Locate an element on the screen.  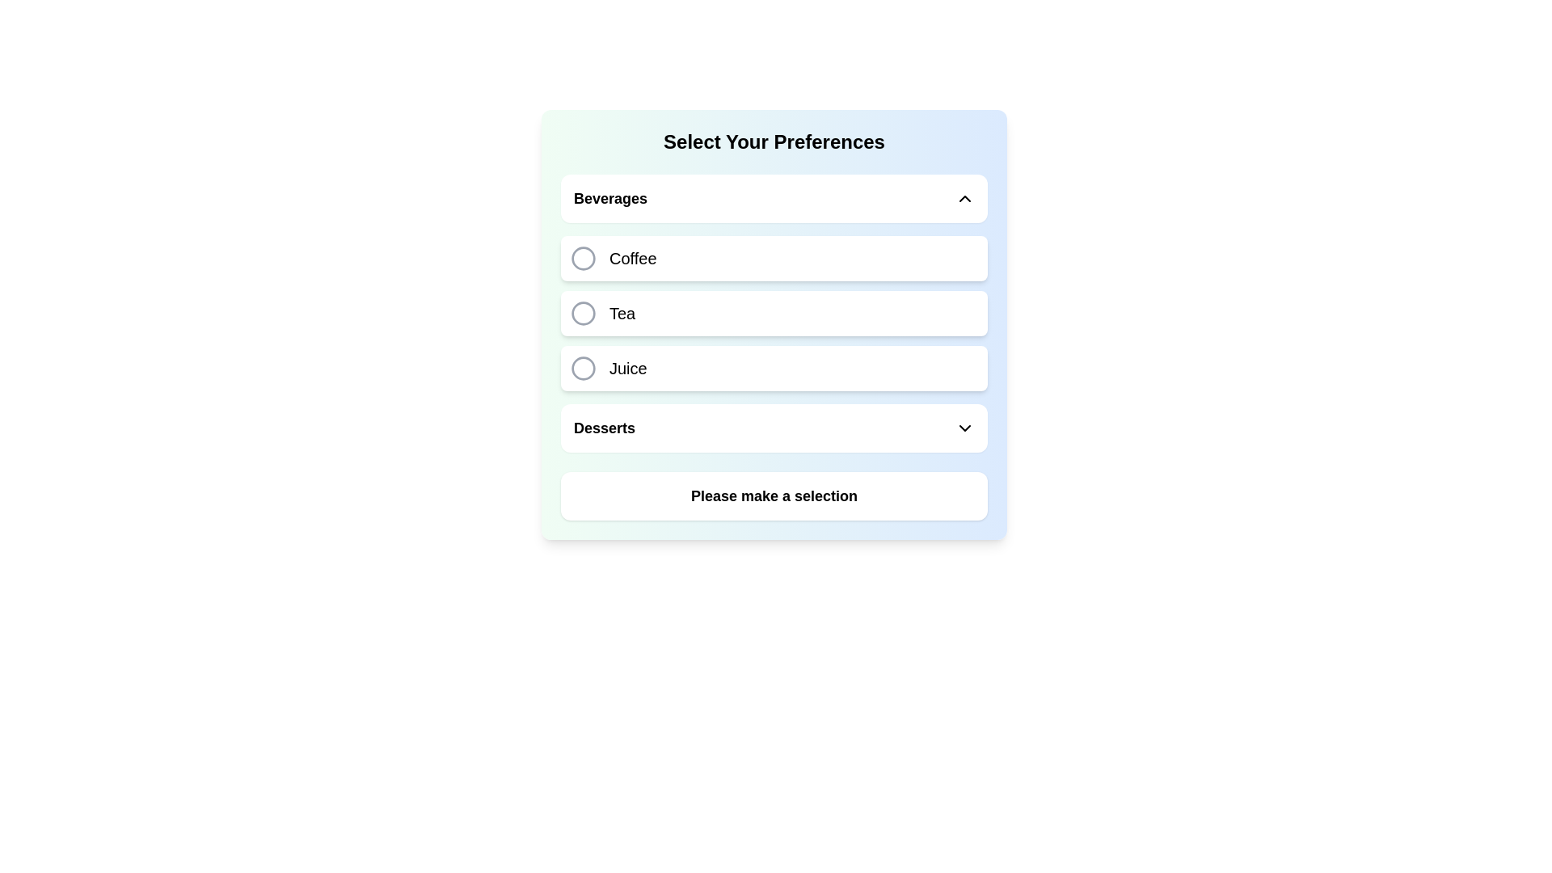
text label 'Juice' located to the right of the corresponding radio button in the third row of the 'Beverages' section is located at coordinates (627, 368).